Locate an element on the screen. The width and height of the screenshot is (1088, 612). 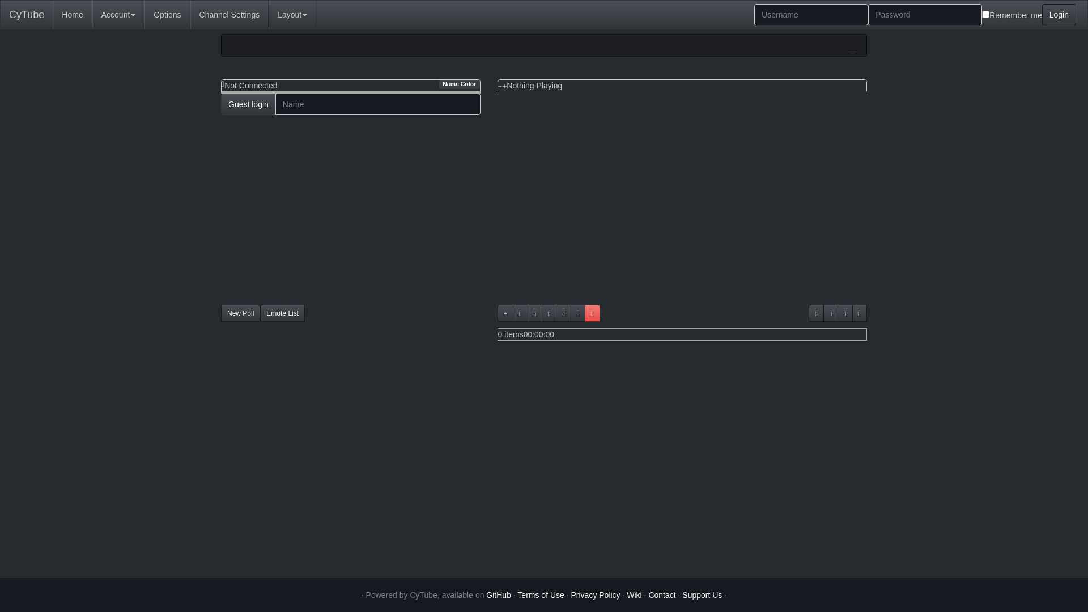
'Wiki' is located at coordinates (633, 594).